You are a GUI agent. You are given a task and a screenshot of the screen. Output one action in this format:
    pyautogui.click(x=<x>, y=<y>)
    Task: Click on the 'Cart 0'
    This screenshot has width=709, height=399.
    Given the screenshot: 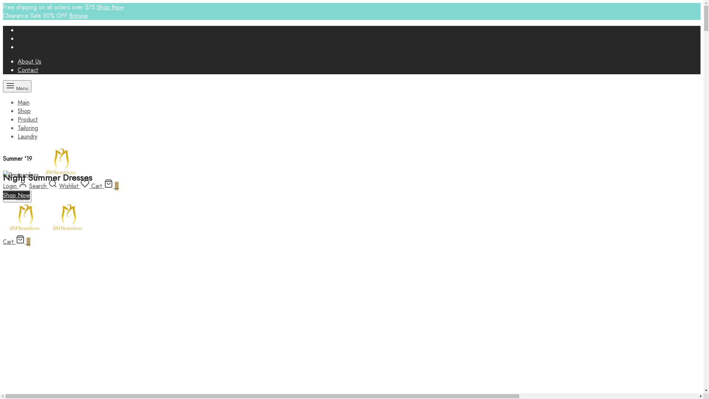 What is the action you would take?
    pyautogui.click(x=3, y=242)
    